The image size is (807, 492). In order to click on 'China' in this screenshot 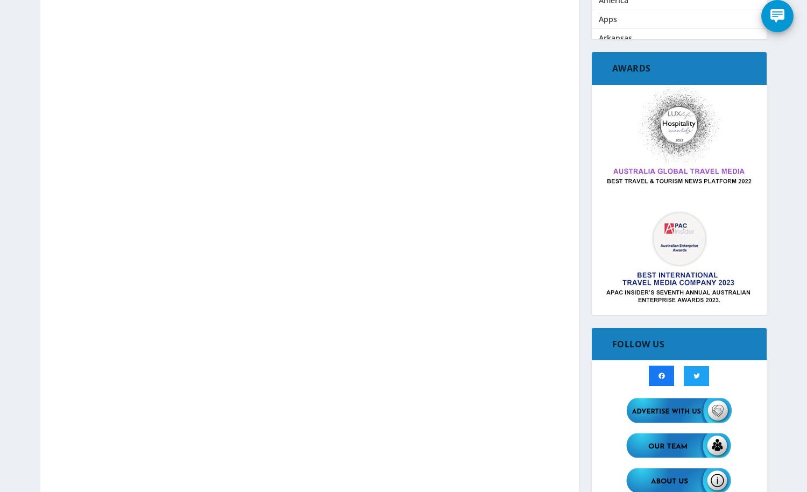, I will do `click(608, 340)`.